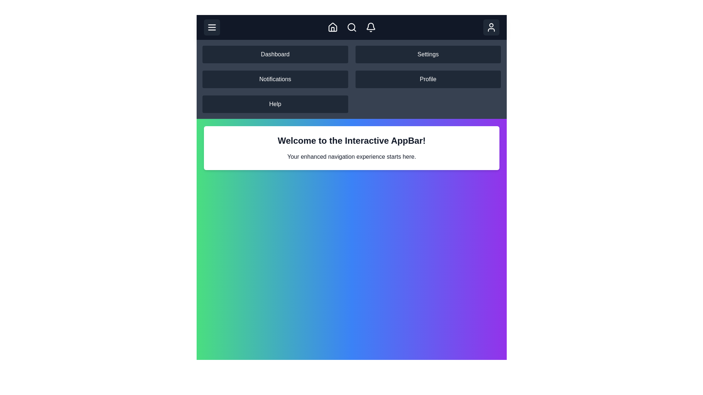 Image resolution: width=703 pixels, height=395 pixels. Describe the element at coordinates (351, 27) in the screenshot. I see `the Search button in the navigation bar` at that location.